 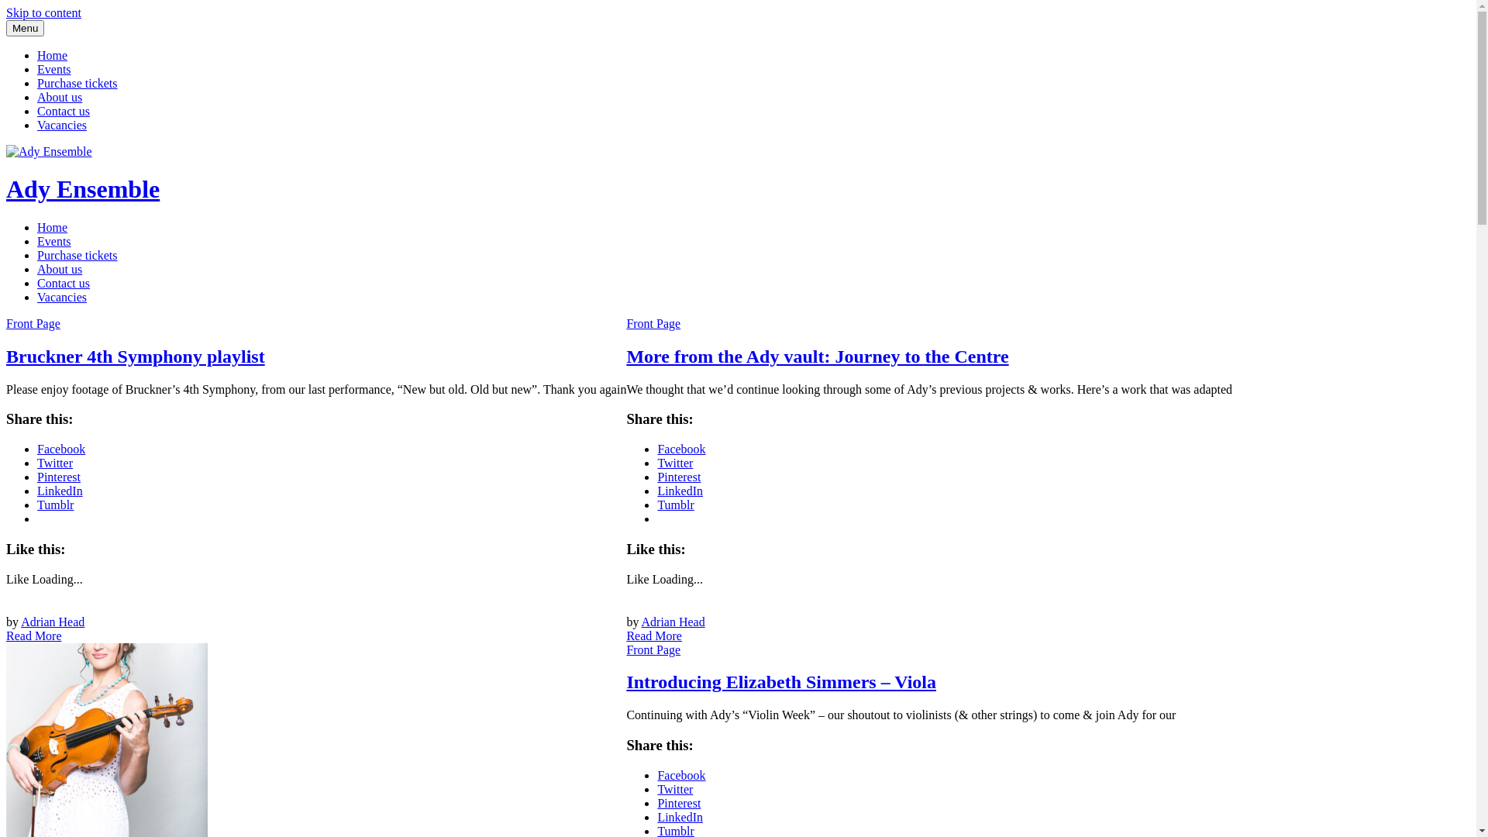 What do you see at coordinates (59, 97) in the screenshot?
I see `'About us'` at bounding box center [59, 97].